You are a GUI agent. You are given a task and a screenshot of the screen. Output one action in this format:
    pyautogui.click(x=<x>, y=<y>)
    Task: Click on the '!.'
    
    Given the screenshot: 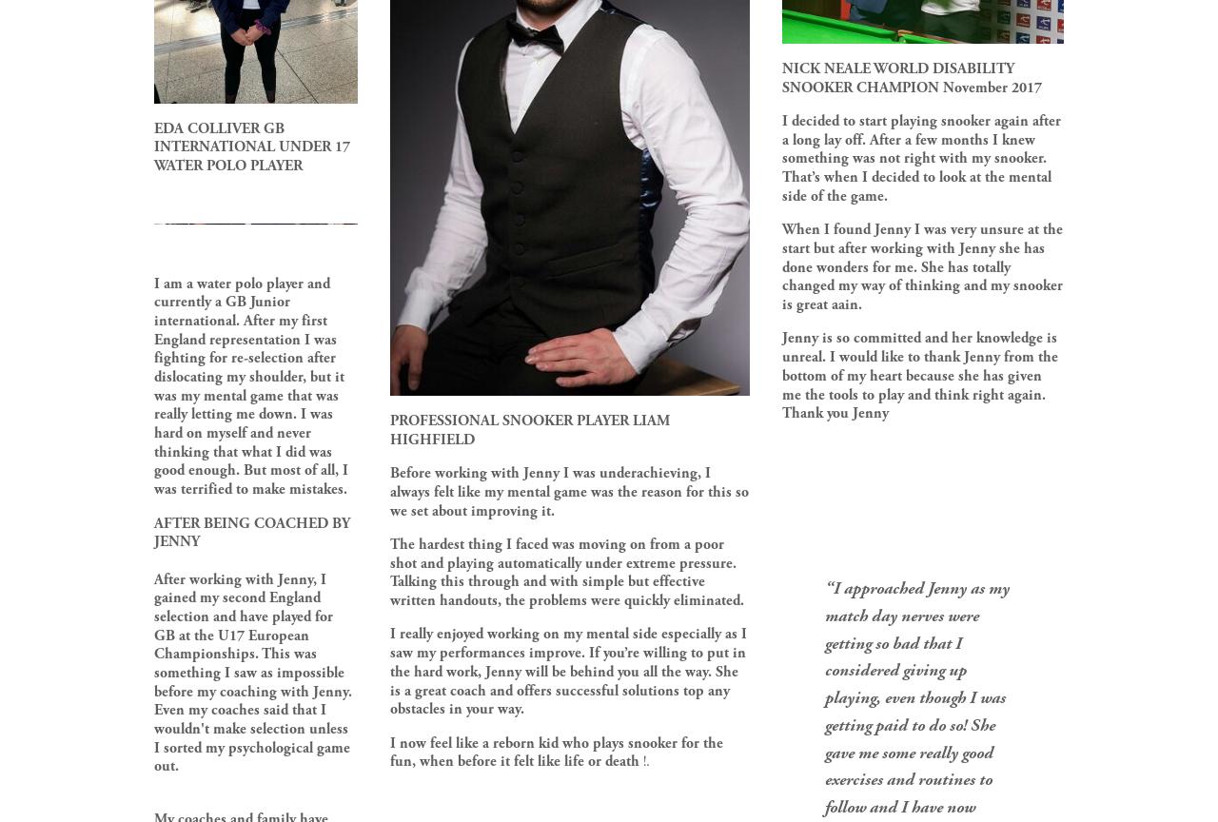 What is the action you would take?
    pyautogui.click(x=643, y=761)
    